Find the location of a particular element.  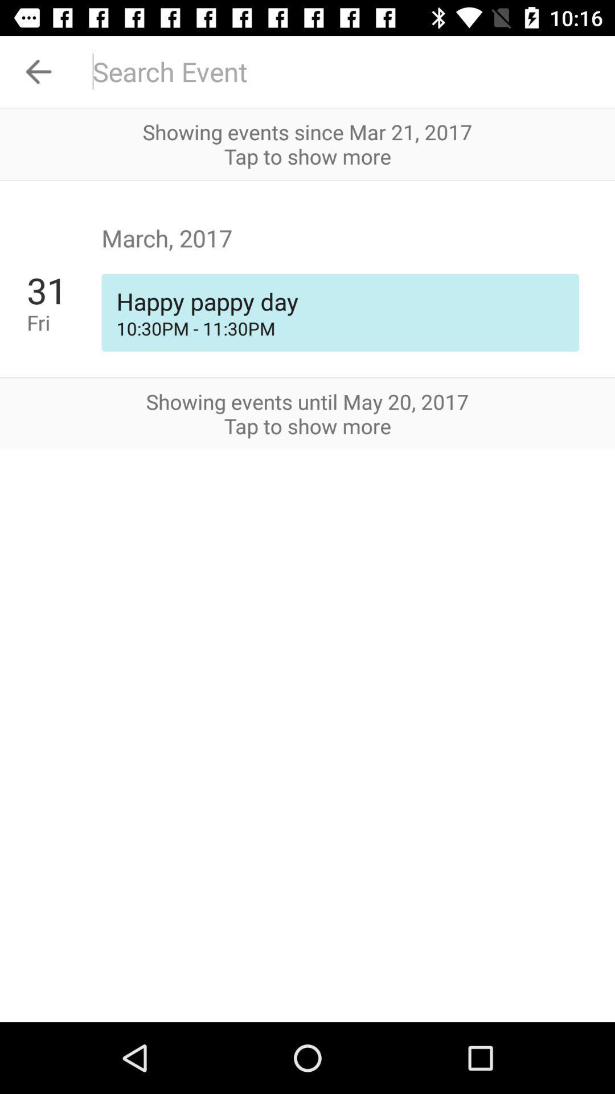

the icon next to happy pappy day is located at coordinates (64, 290).